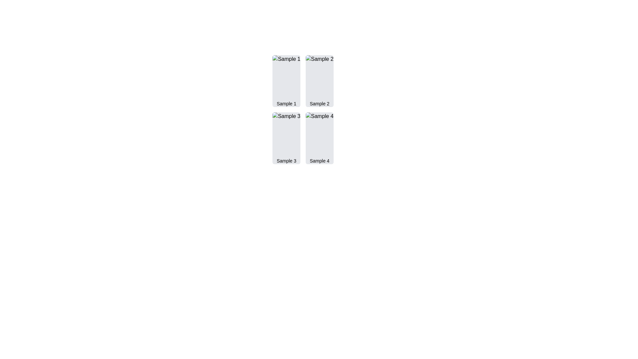 The image size is (638, 359). Describe the element at coordinates (319, 161) in the screenshot. I see `the text element labeled 'Sample 4', which is styled in a smaller font and located in the bottom right grid cell of a 2x2 layout` at that location.